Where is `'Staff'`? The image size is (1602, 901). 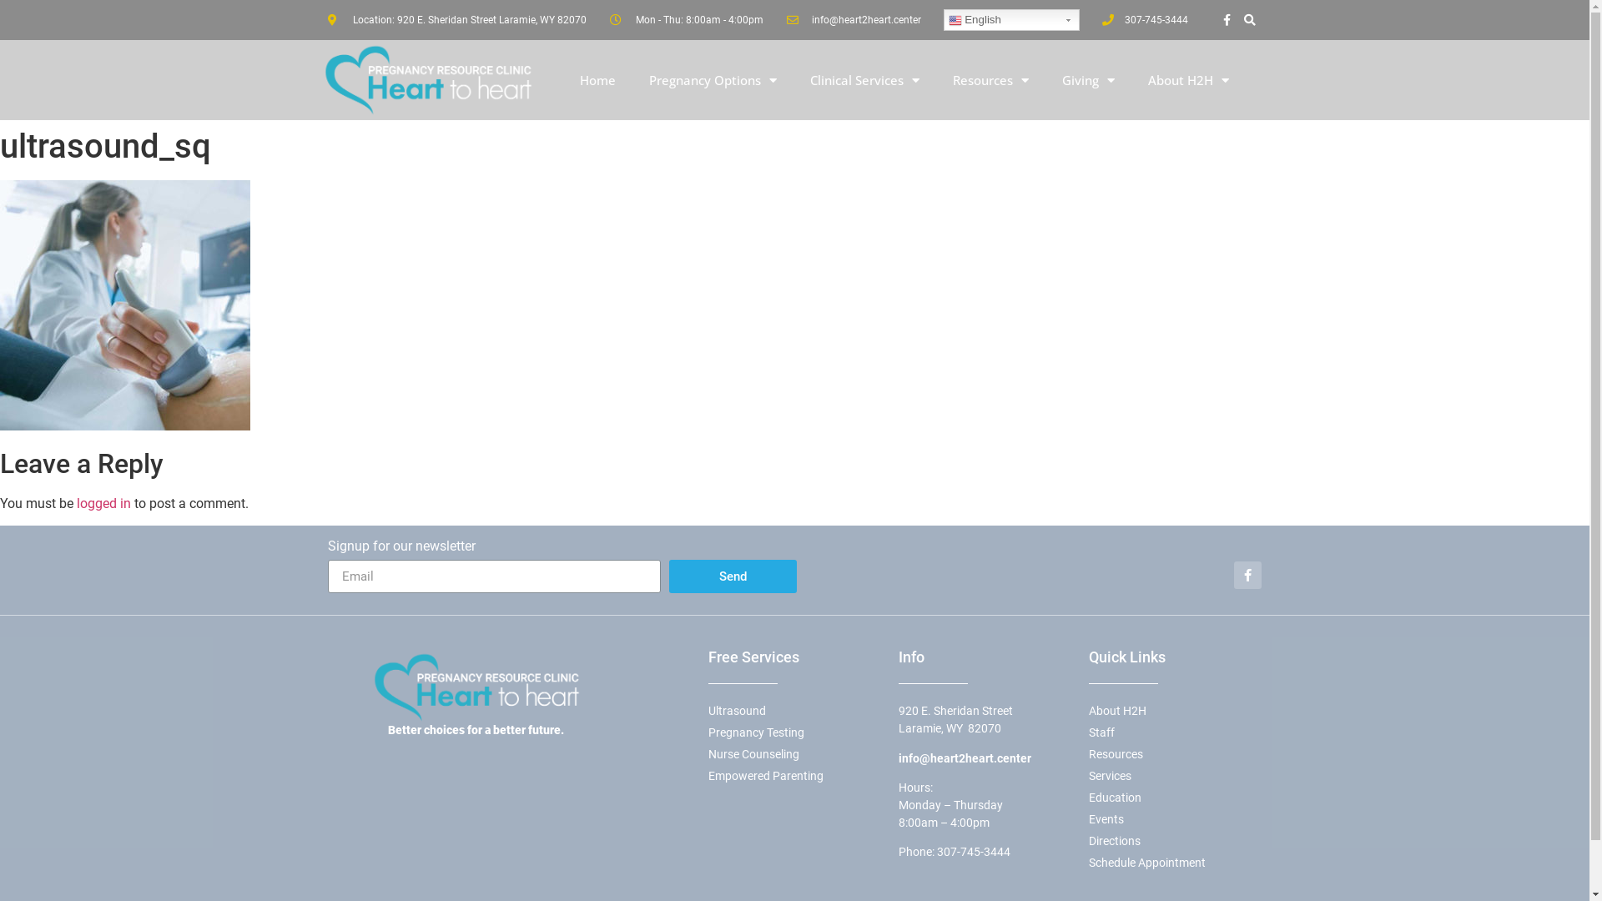
'Staff' is located at coordinates (1173, 732).